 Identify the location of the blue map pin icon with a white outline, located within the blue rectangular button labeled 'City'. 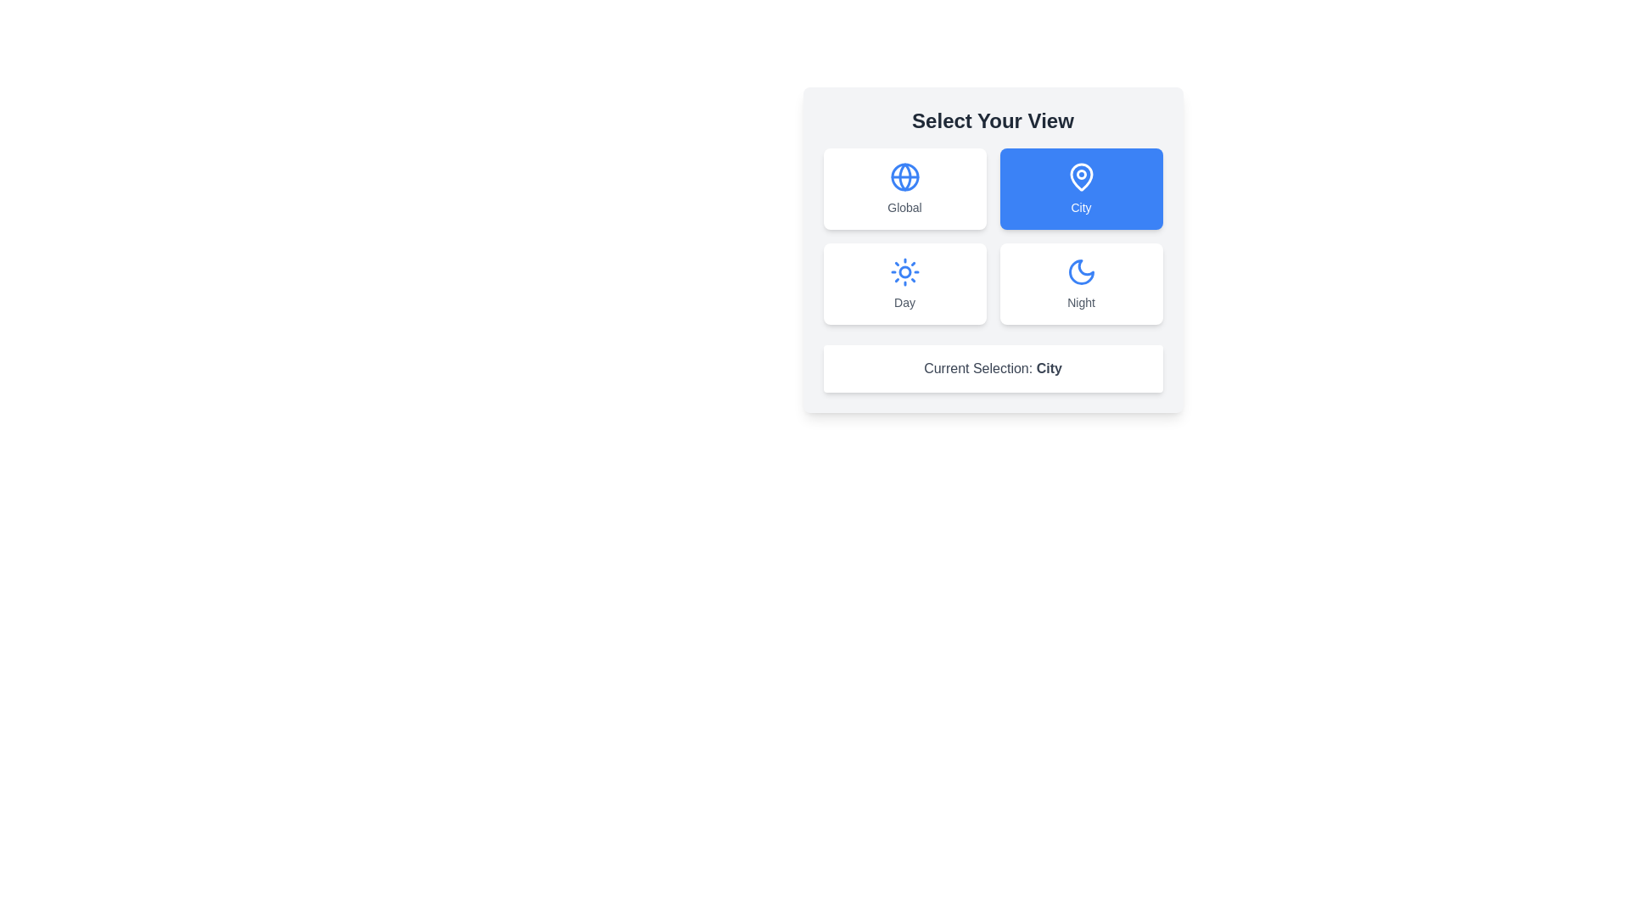
(1080, 176).